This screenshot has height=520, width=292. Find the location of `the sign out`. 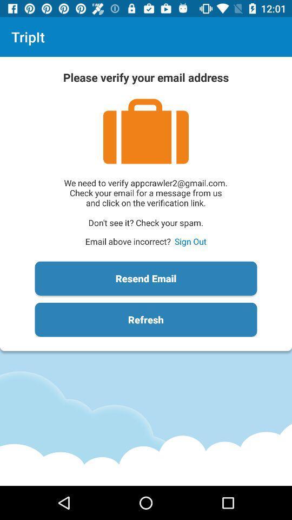

the sign out is located at coordinates (190, 241).